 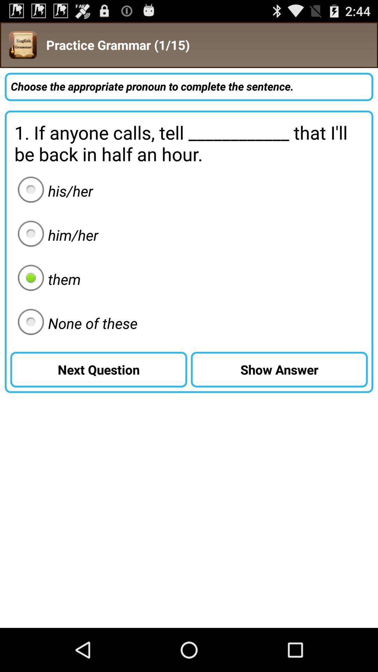 What do you see at coordinates (75, 323) in the screenshot?
I see `item above the next question` at bounding box center [75, 323].